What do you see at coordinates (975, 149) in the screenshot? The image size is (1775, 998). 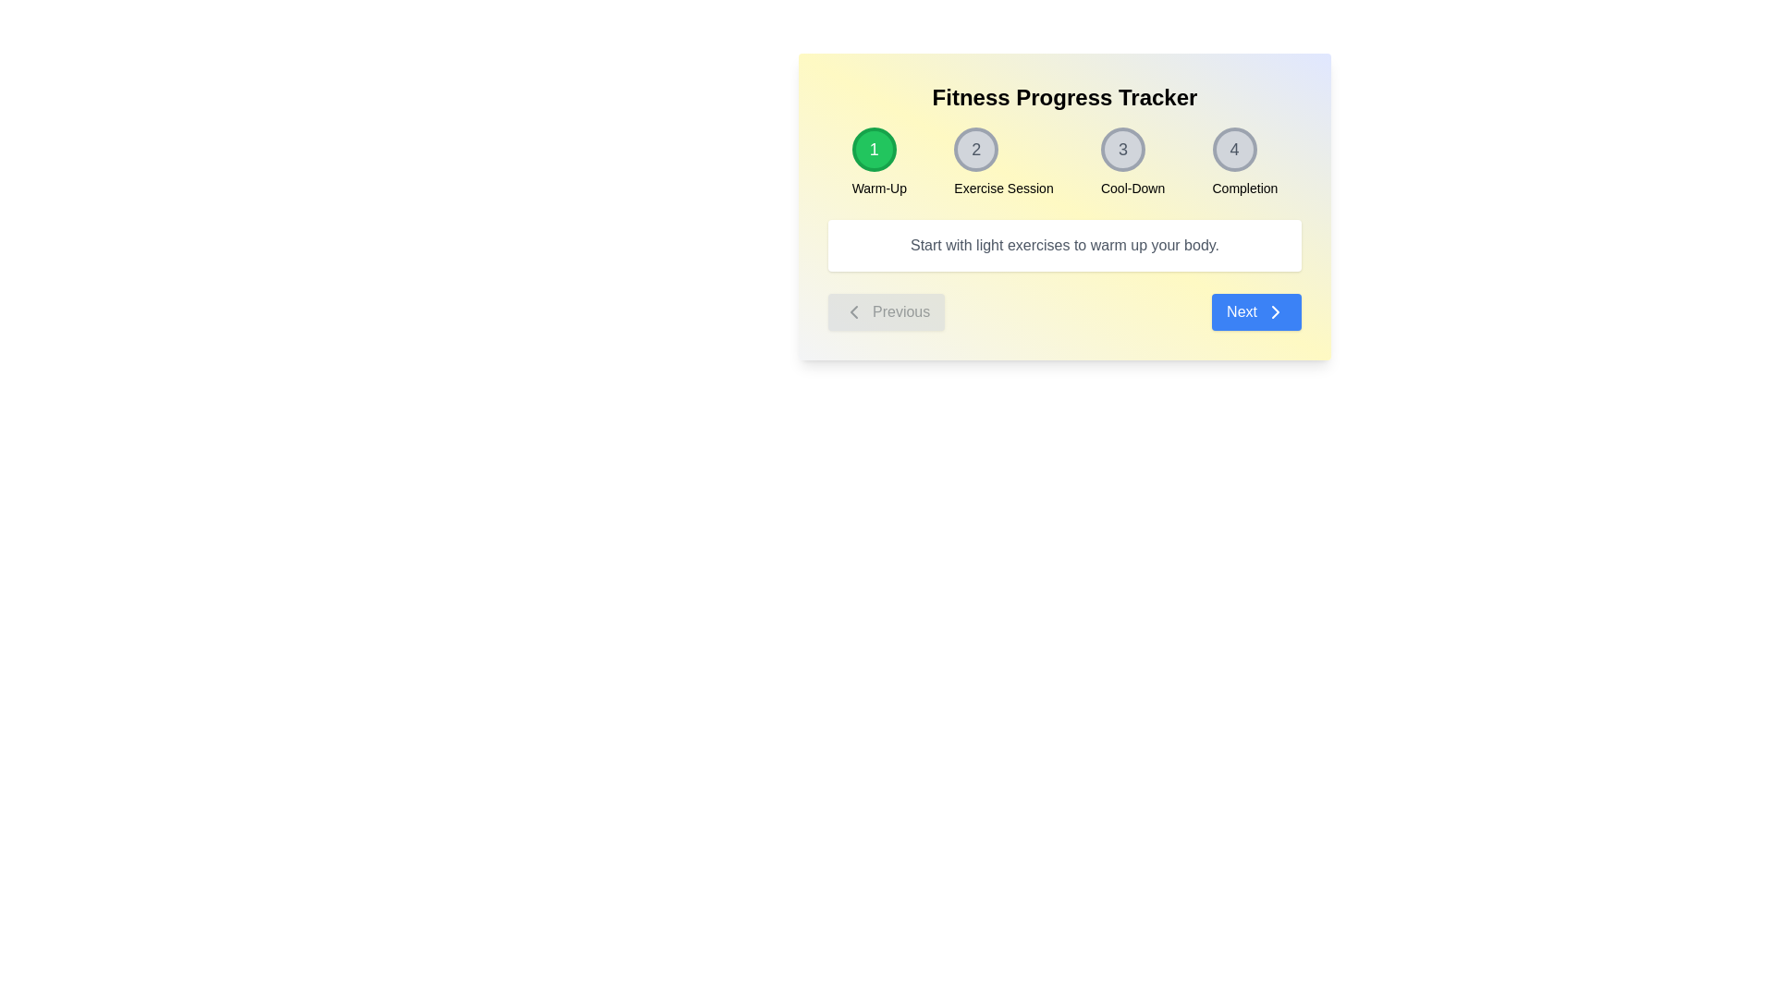 I see `the Text Label displaying the numeral '2'` at bounding box center [975, 149].